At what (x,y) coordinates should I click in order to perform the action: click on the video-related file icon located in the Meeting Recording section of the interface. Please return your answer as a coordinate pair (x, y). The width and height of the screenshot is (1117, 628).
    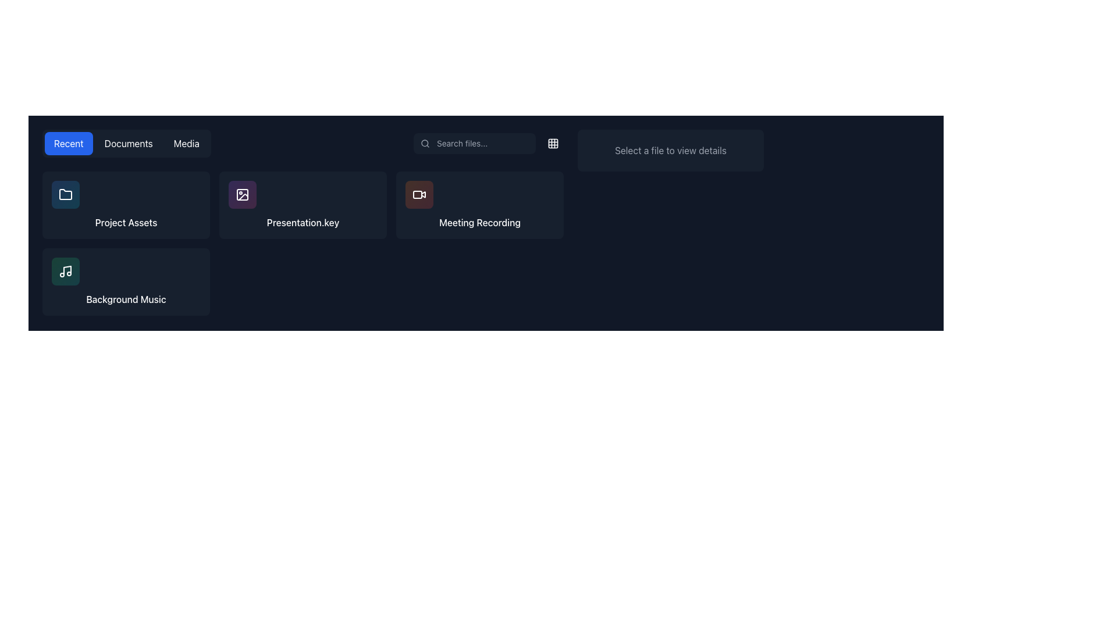
    Looking at the image, I should click on (418, 194).